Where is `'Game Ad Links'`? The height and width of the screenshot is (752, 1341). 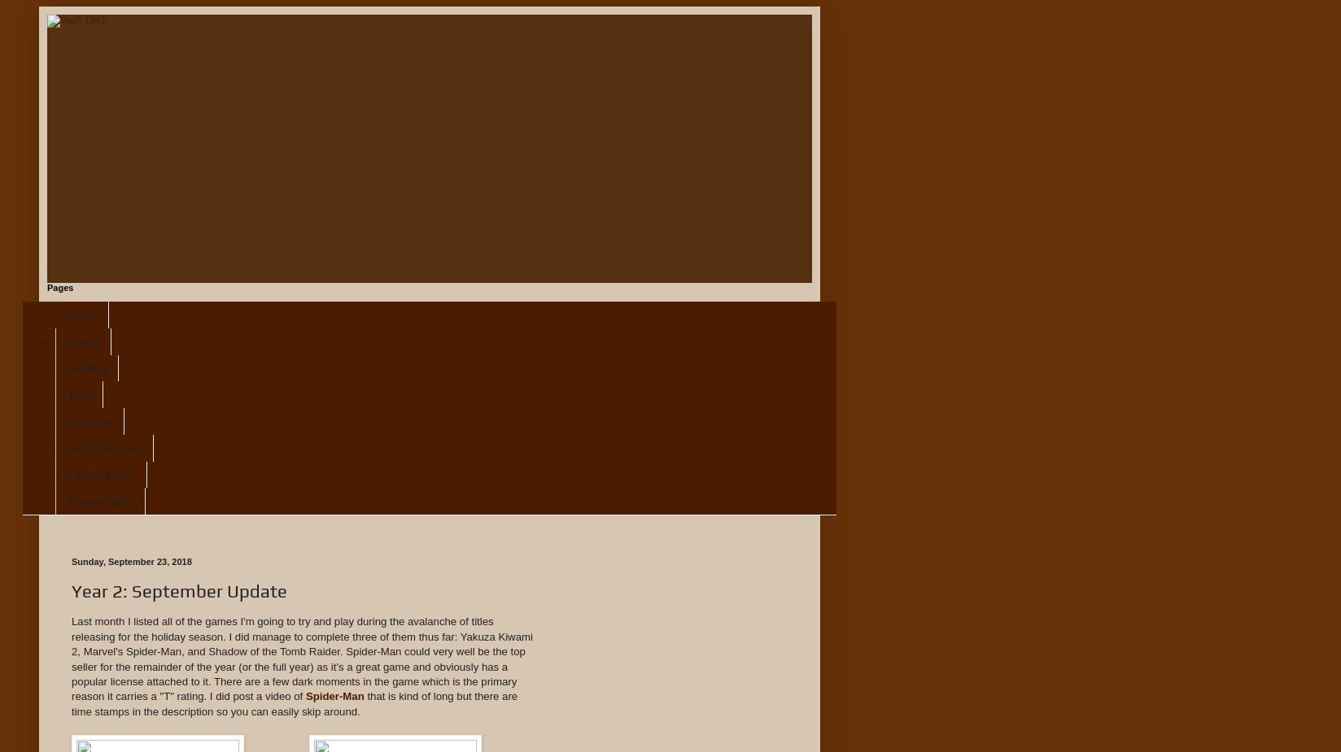
'Game Ad Links' is located at coordinates (104, 448).